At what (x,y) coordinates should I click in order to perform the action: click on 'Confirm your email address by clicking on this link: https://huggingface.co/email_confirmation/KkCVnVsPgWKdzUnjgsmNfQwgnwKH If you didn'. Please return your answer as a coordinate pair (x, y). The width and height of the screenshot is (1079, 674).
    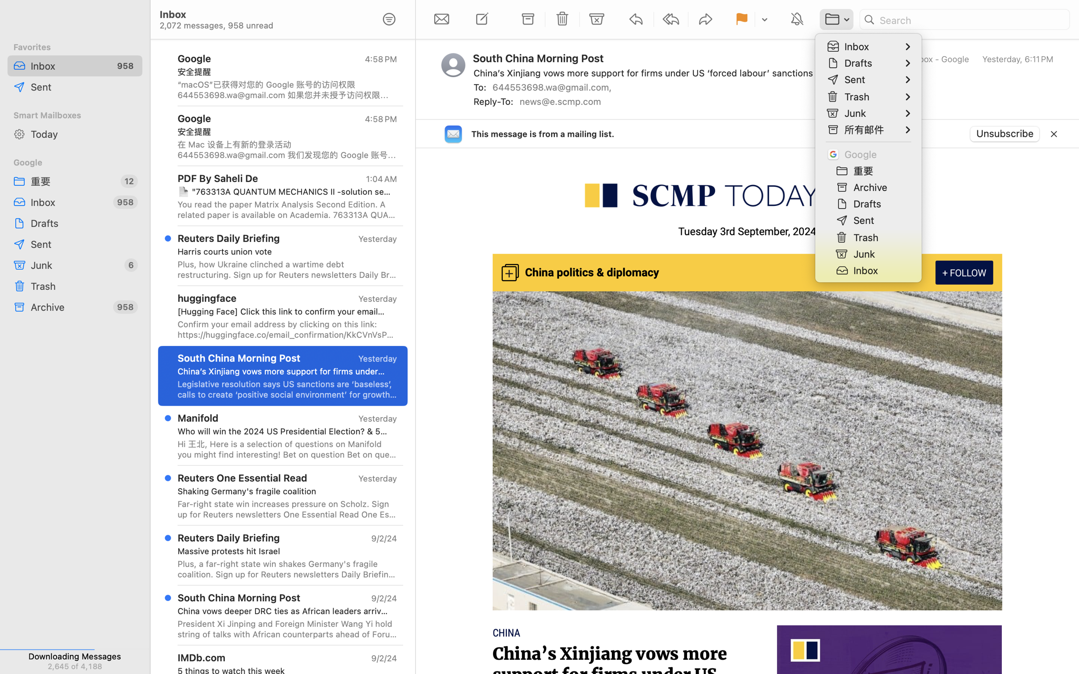
    Looking at the image, I should click on (287, 329).